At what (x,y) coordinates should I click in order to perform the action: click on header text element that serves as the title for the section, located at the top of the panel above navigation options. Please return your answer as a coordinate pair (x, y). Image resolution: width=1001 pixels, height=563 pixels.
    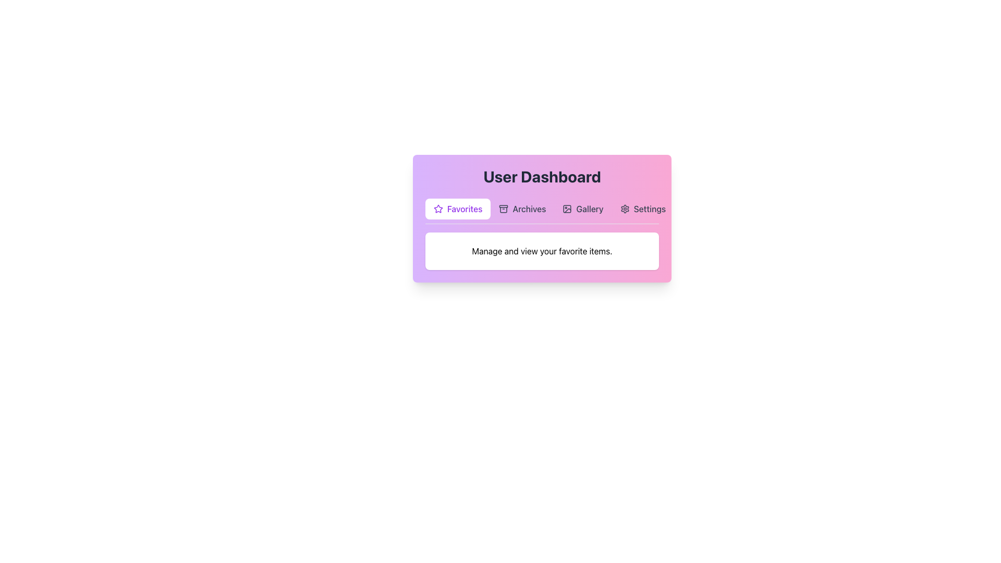
    Looking at the image, I should click on (542, 176).